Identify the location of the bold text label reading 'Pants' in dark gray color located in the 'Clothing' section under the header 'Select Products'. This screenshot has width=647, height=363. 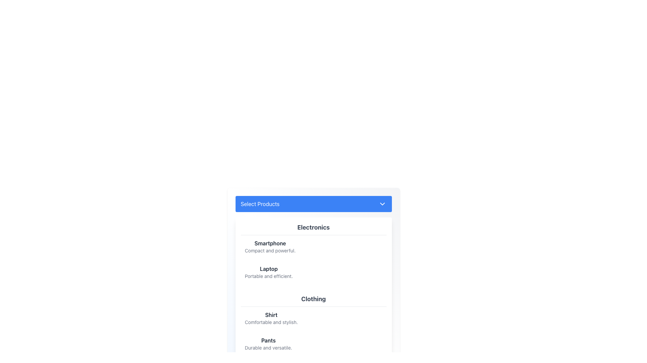
(268, 340).